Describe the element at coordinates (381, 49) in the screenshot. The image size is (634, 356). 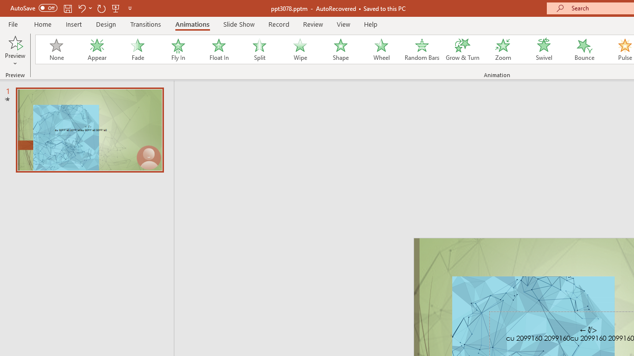
I see `'Wheel'` at that location.